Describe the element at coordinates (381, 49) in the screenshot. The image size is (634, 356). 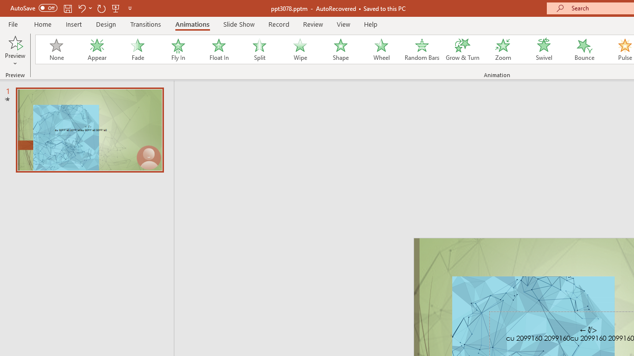
I see `'Wheel'` at that location.